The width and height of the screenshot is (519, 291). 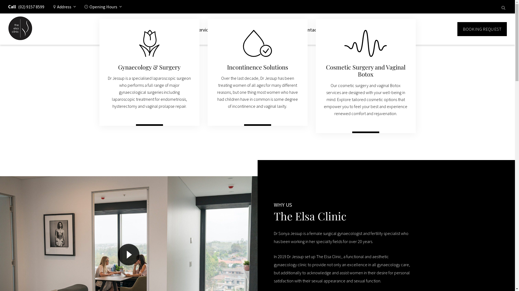 What do you see at coordinates (103, 8) in the screenshot?
I see `'Opening Hours'` at bounding box center [103, 8].